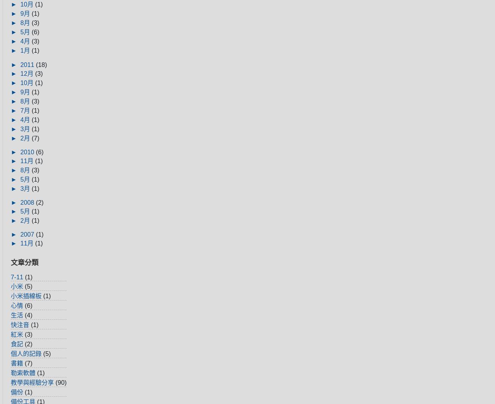 Image resolution: width=495 pixels, height=404 pixels. I want to click on '(90)', so click(61, 382).